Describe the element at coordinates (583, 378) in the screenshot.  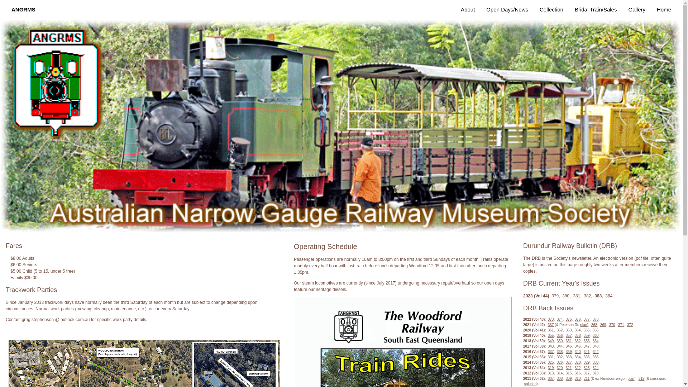
I see `'311'` at that location.